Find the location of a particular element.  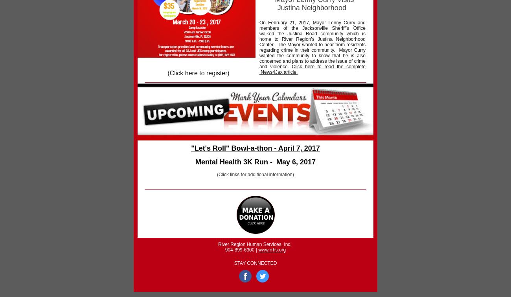

'STAY CONNECTED' is located at coordinates (255, 263).